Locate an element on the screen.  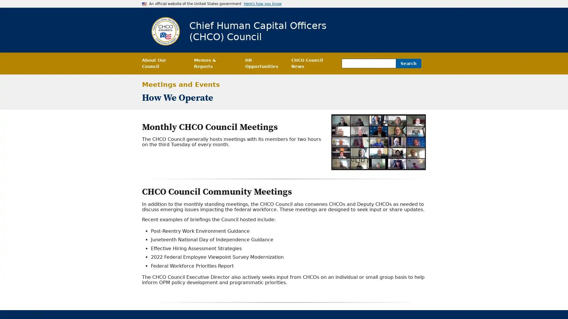
Memos & Reports is located at coordinates (214, 64).